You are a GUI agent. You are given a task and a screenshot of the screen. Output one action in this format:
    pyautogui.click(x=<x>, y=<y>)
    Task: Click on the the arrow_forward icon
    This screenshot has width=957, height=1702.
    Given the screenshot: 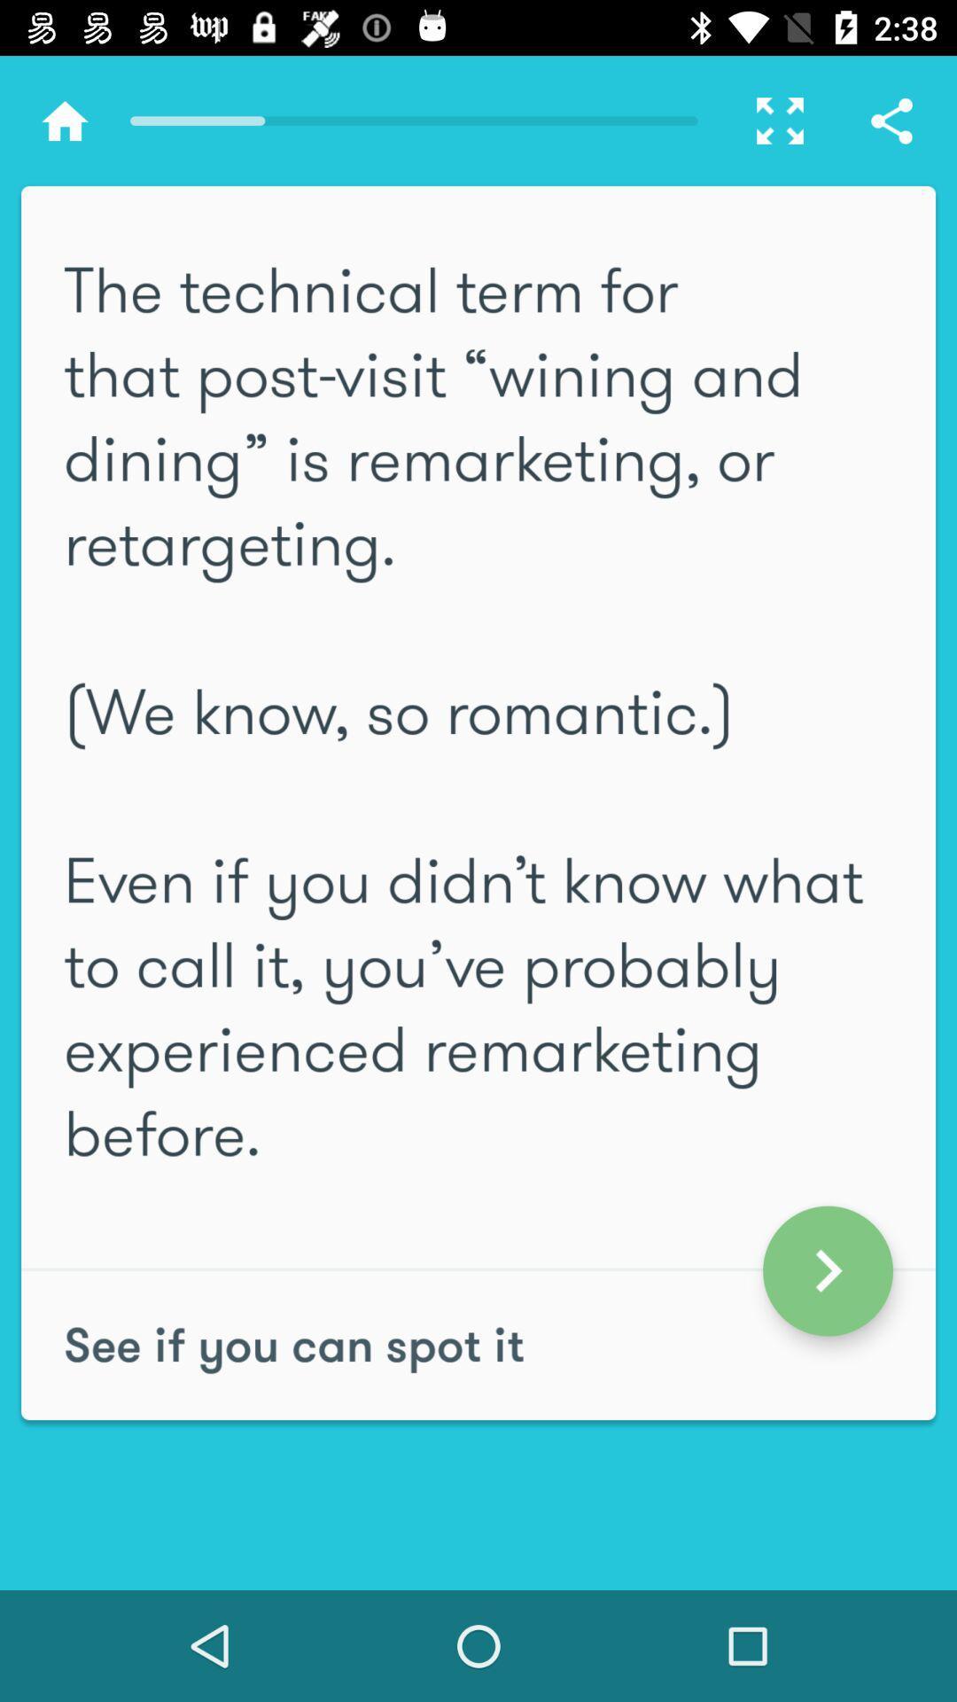 What is the action you would take?
    pyautogui.click(x=828, y=1270)
    